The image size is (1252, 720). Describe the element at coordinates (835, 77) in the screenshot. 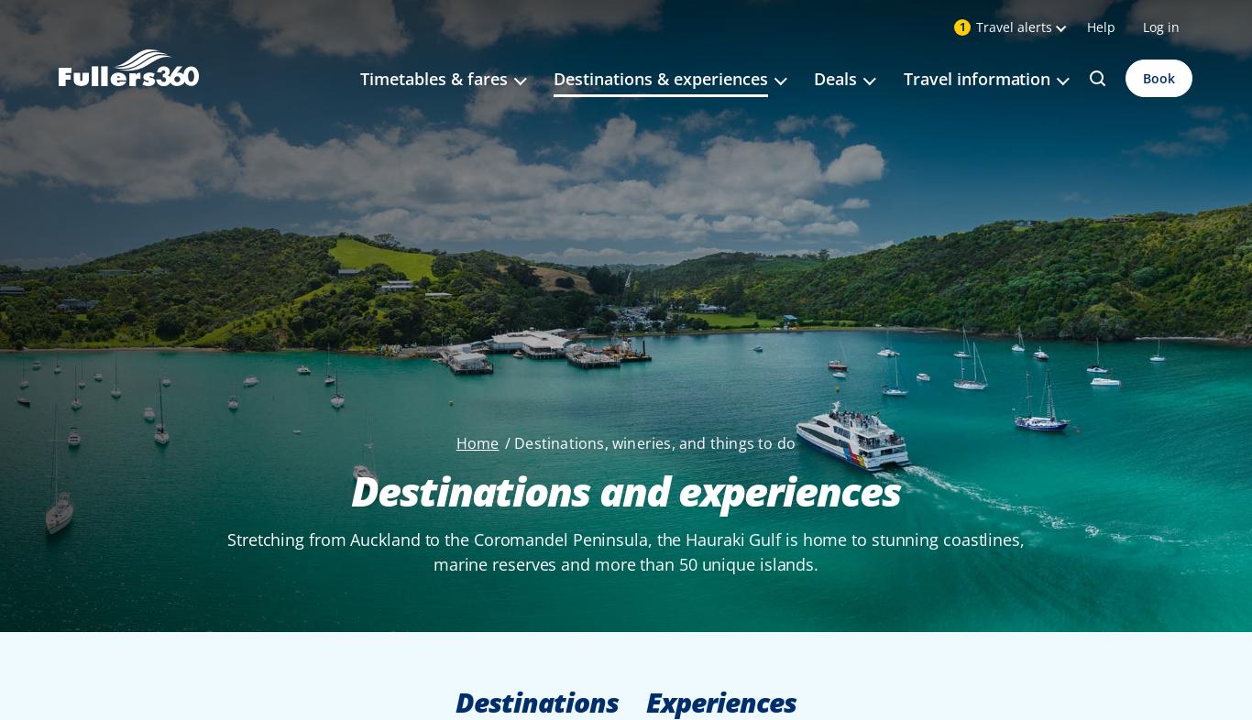

I see `'Deals'` at that location.